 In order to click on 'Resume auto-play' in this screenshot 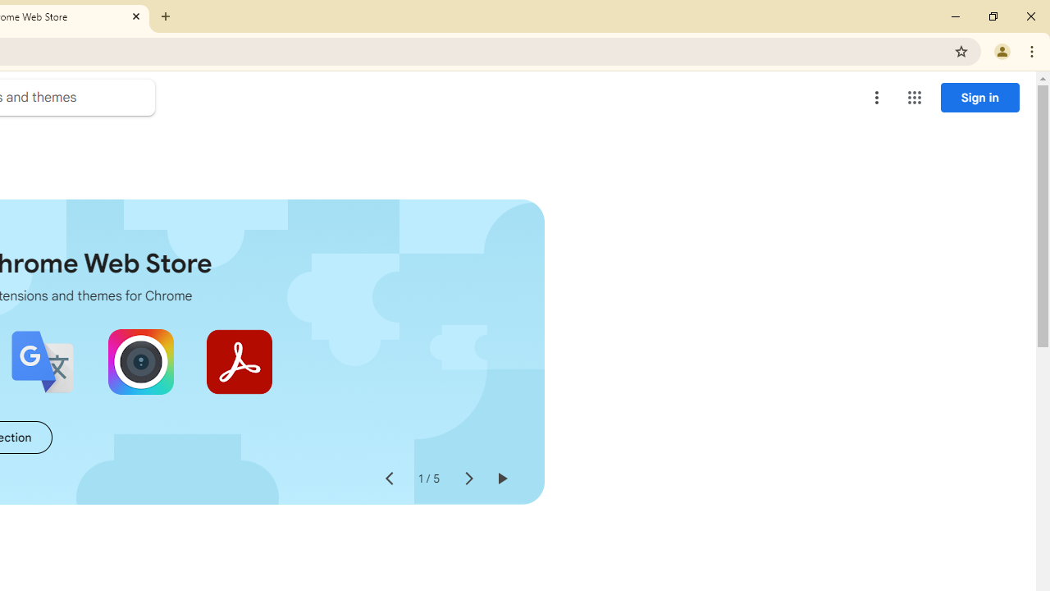, I will do `click(500, 479)`.